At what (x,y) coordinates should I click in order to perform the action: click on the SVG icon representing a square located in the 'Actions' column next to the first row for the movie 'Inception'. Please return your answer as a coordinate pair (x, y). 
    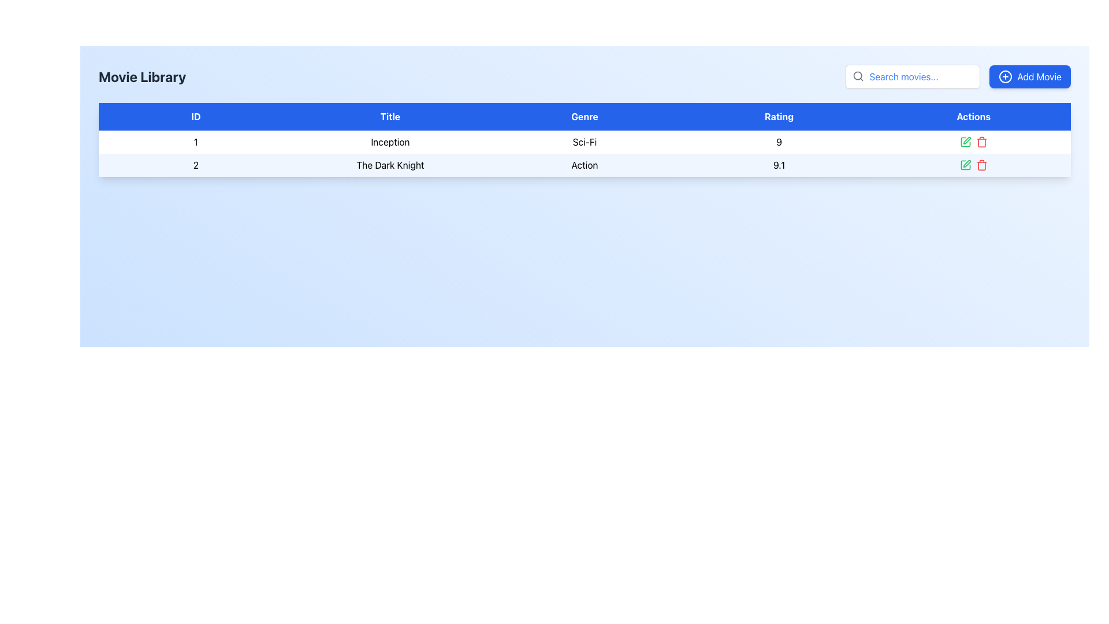
    Looking at the image, I should click on (965, 142).